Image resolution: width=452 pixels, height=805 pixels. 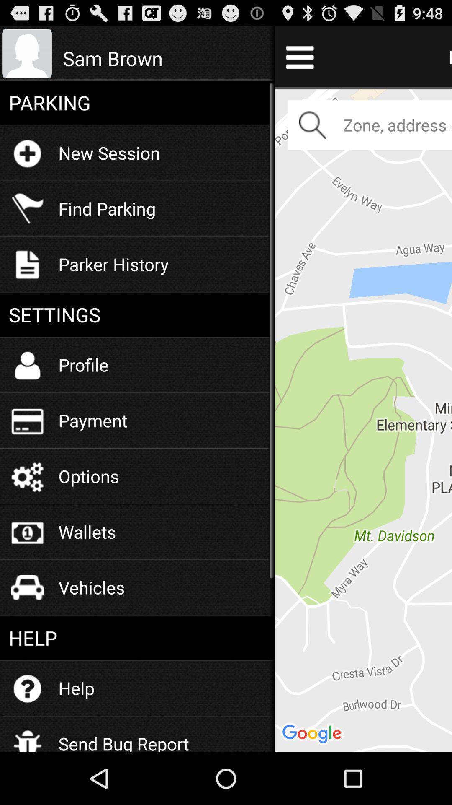 What do you see at coordinates (92, 587) in the screenshot?
I see `the vehicles` at bounding box center [92, 587].